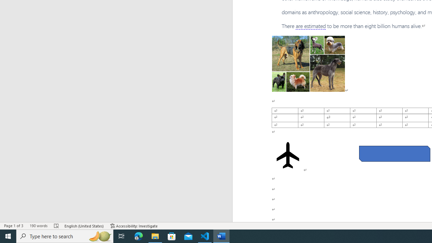 The height and width of the screenshot is (243, 432). What do you see at coordinates (308, 64) in the screenshot?
I see `'Morphological variation in six dogs'` at bounding box center [308, 64].